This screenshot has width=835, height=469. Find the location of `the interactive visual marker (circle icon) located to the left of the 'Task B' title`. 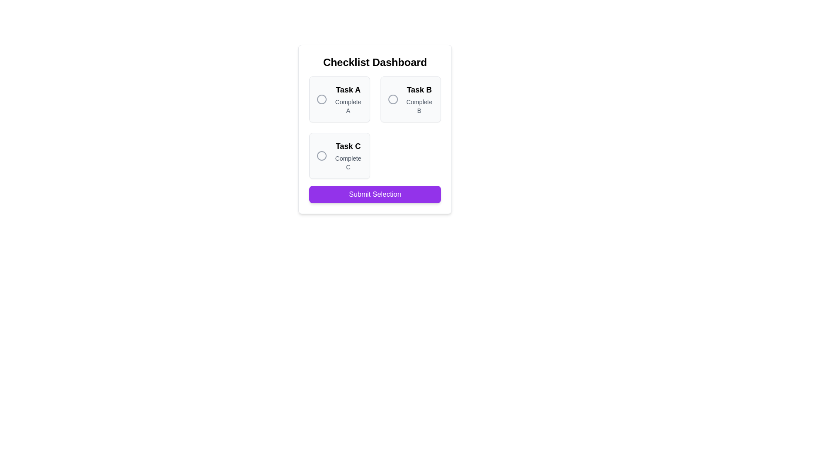

the interactive visual marker (circle icon) located to the left of the 'Task B' title is located at coordinates (392, 99).